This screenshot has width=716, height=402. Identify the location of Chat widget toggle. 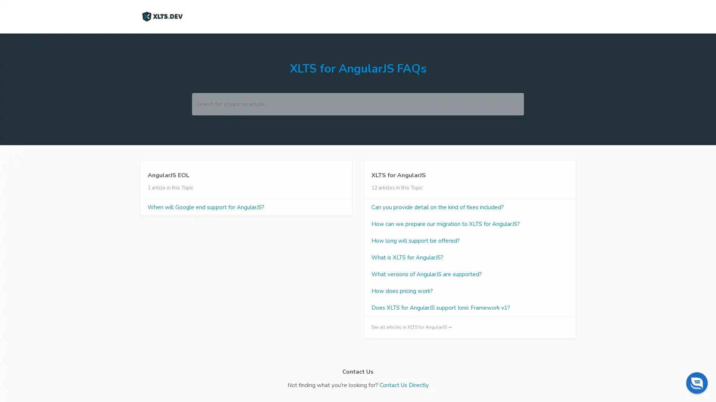
(696, 383).